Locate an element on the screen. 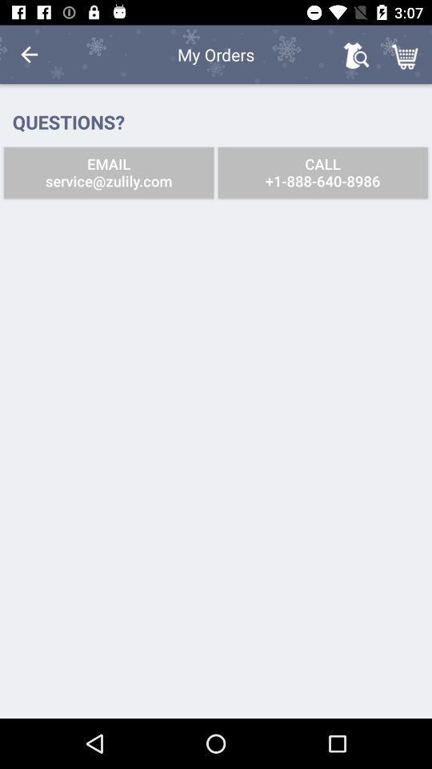 The width and height of the screenshot is (432, 769). icon to the left of call 1 888 icon is located at coordinates (108, 172).